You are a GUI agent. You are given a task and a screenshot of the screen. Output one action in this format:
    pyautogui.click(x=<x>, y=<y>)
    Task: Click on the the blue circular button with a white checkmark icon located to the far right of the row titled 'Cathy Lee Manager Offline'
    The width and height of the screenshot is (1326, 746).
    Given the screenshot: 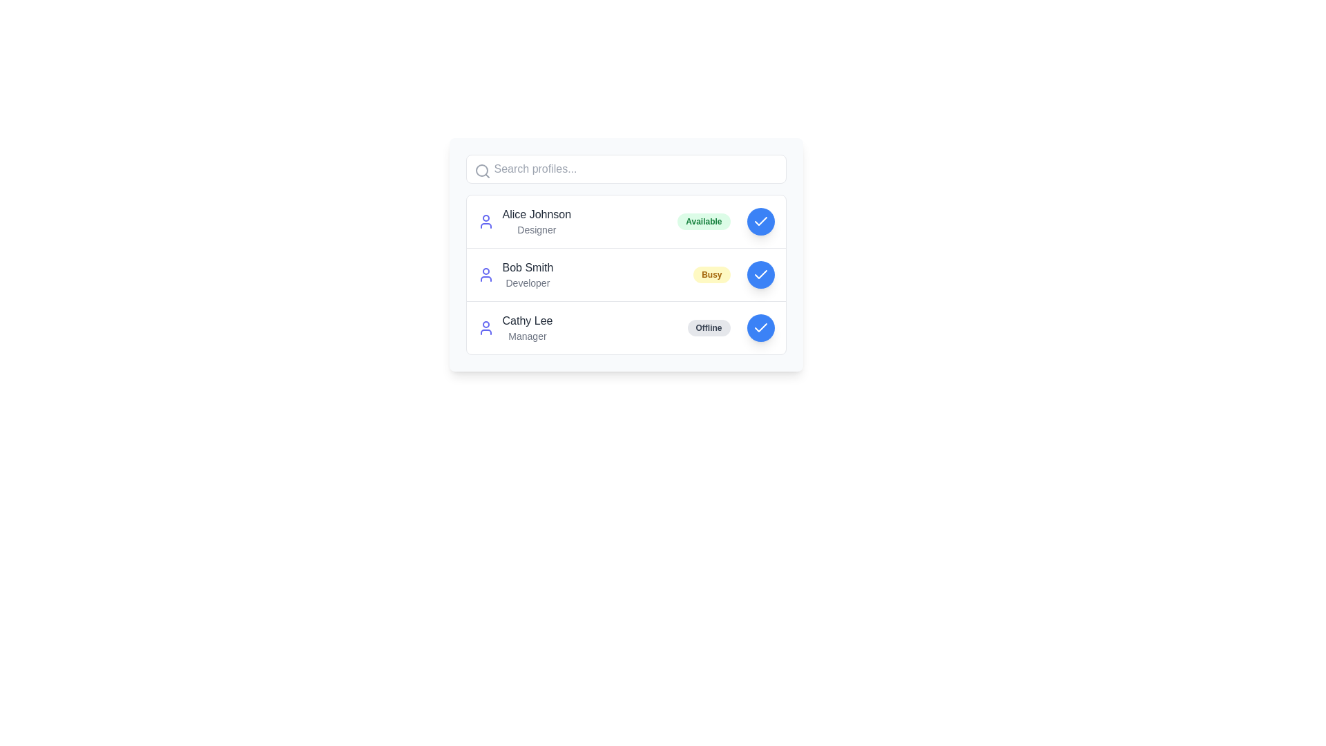 What is the action you would take?
    pyautogui.click(x=760, y=327)
    